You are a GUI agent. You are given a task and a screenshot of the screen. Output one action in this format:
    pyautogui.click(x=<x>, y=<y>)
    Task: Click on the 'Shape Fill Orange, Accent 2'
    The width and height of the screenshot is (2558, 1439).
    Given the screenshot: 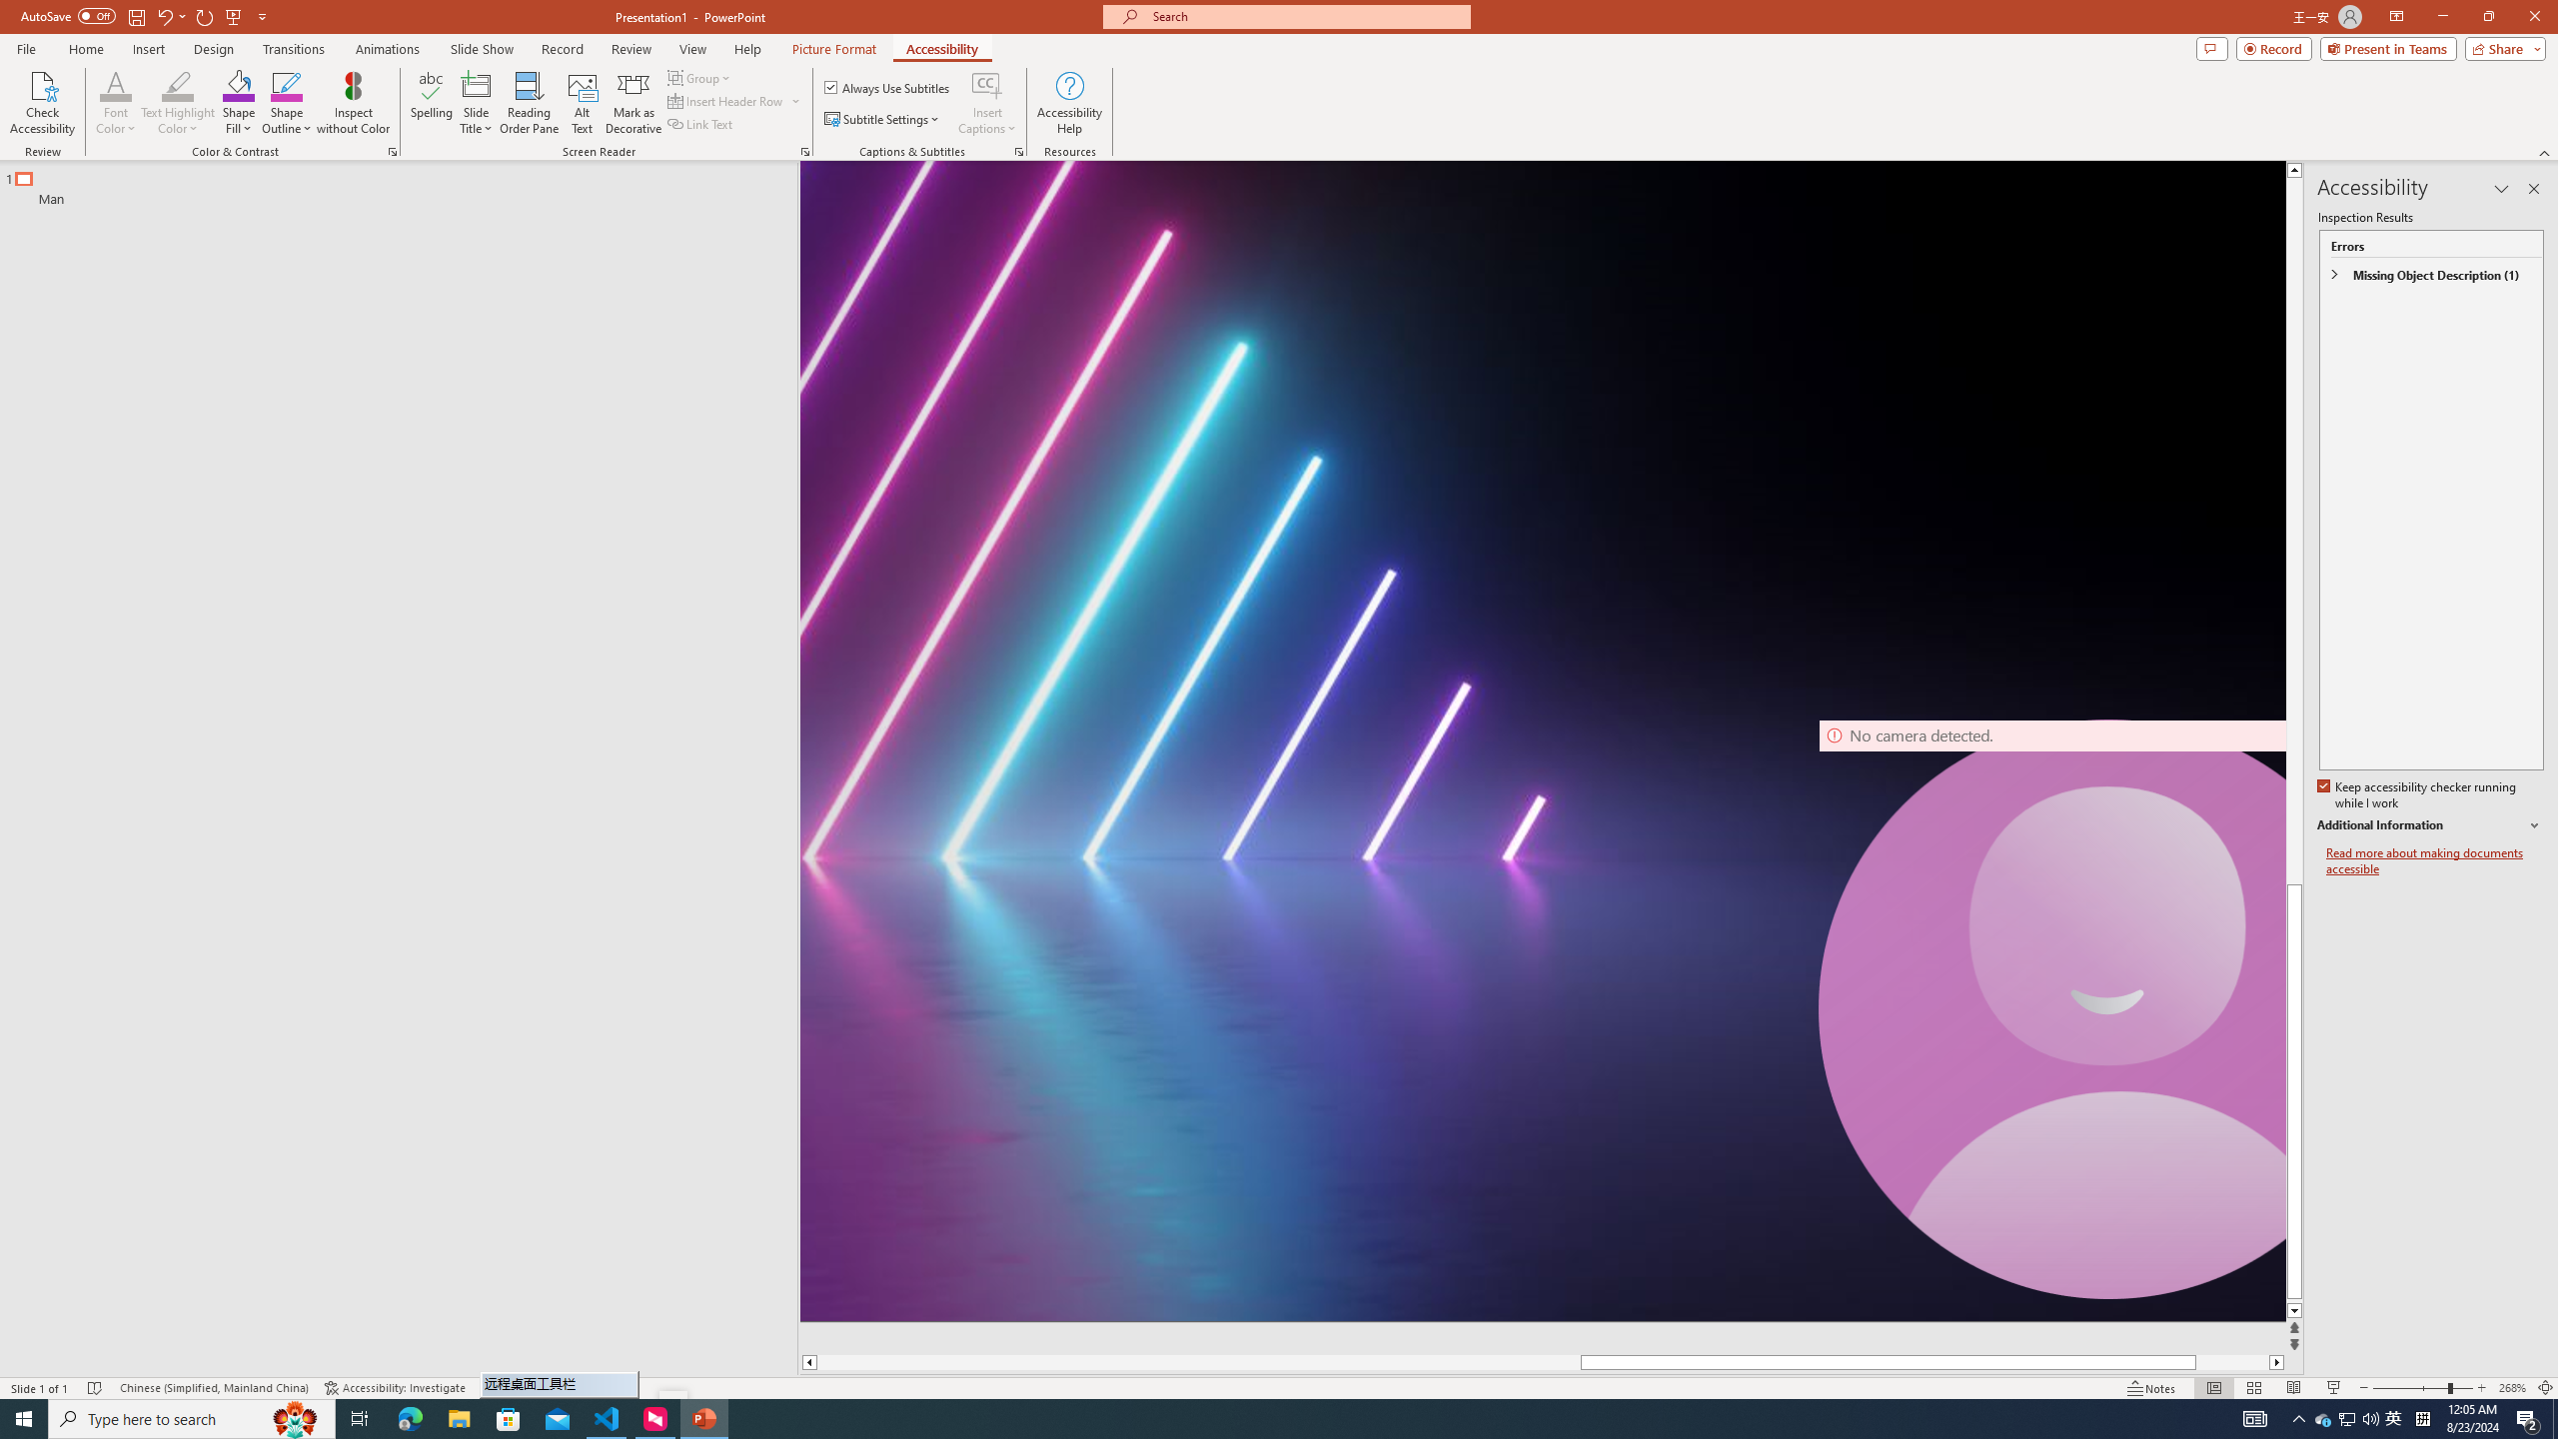 What is the action you would take?
    pyautogui.click(x=239, y=84)
    